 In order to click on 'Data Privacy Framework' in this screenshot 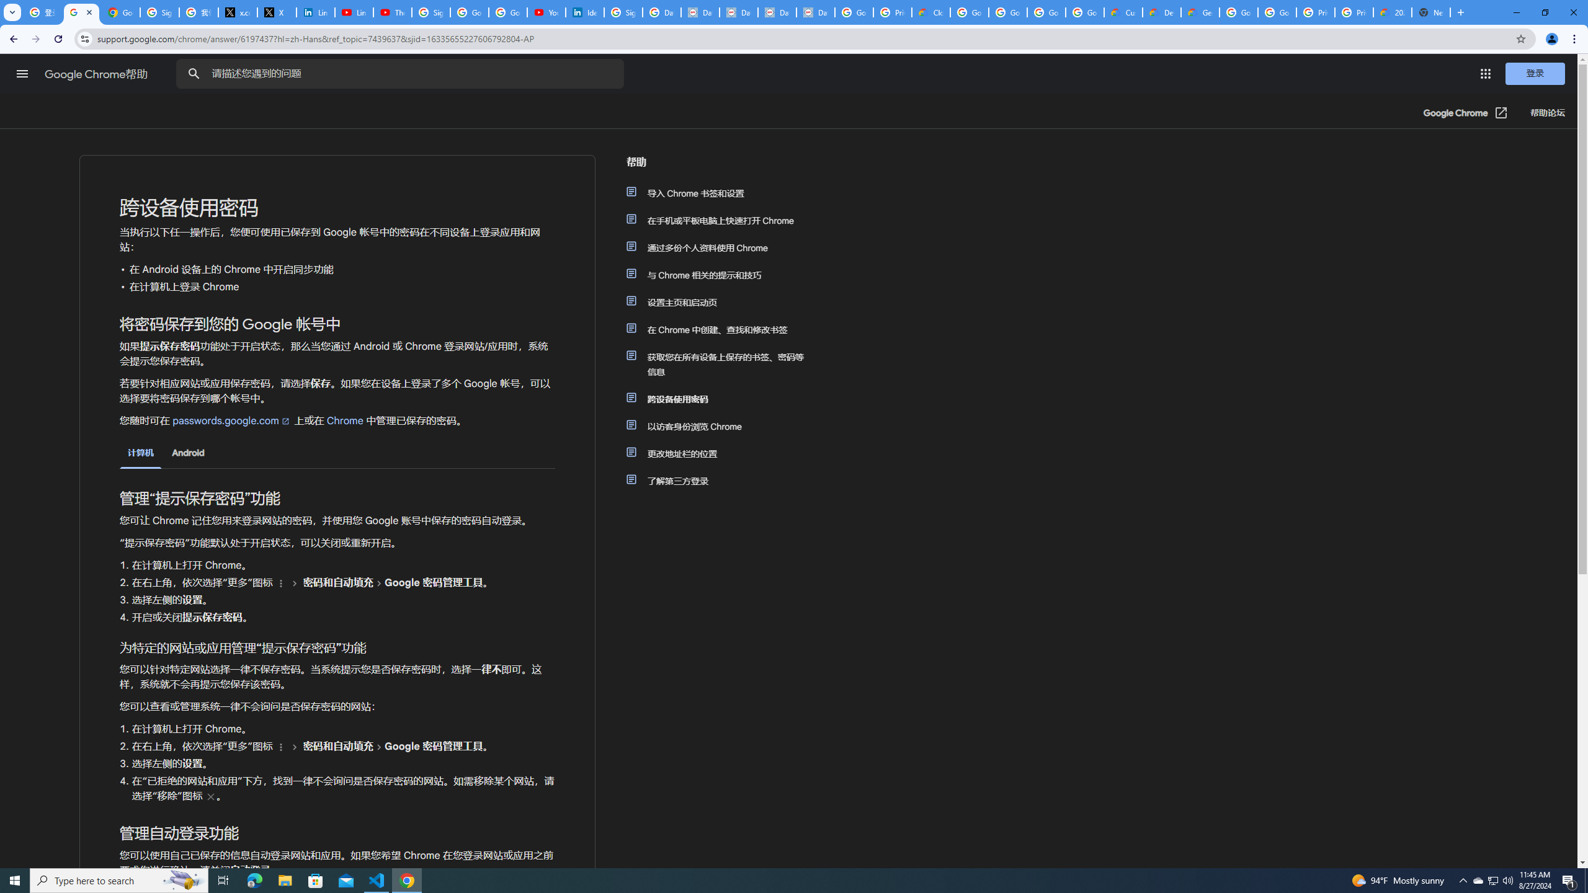, I will do `click(738, 12)`.